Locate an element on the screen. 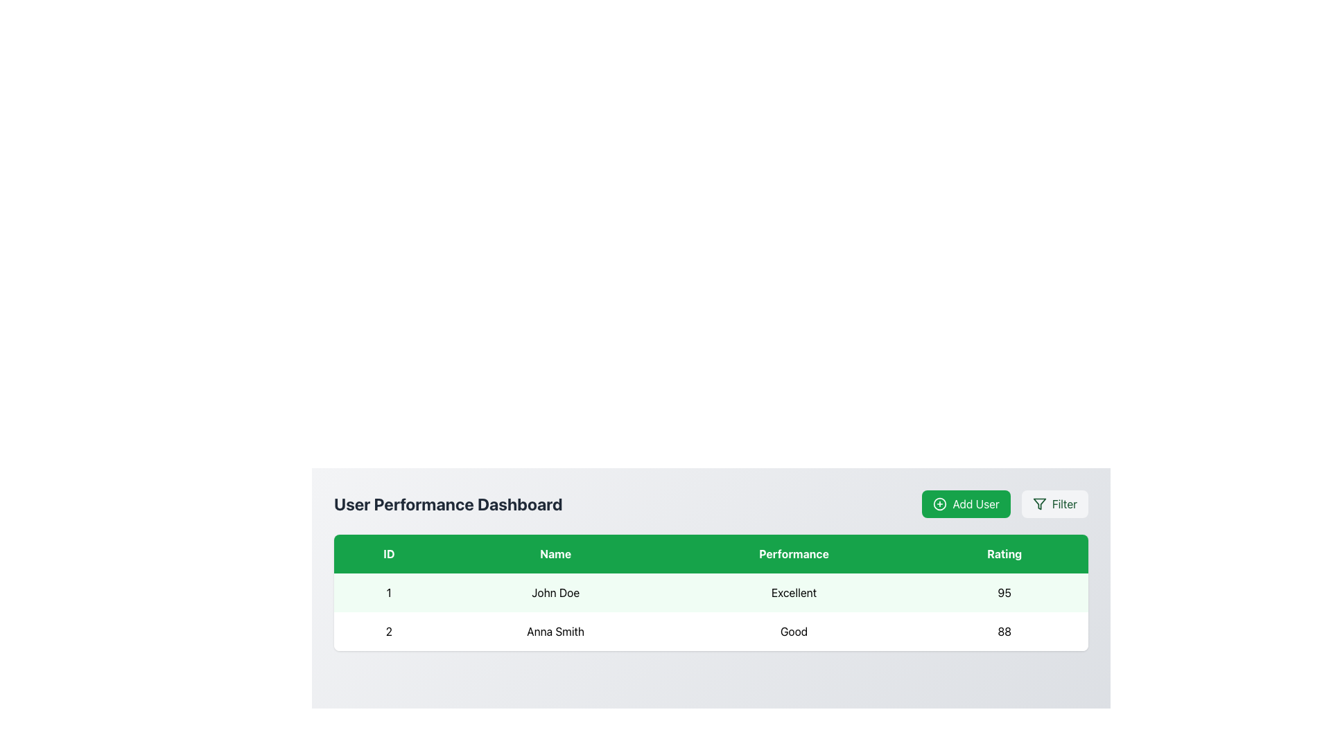 The image size is (1331, 748). the text label displaying 'Good' in the third column of the second row of the User Performance Dashboard table is located at coordinates (794, 631).